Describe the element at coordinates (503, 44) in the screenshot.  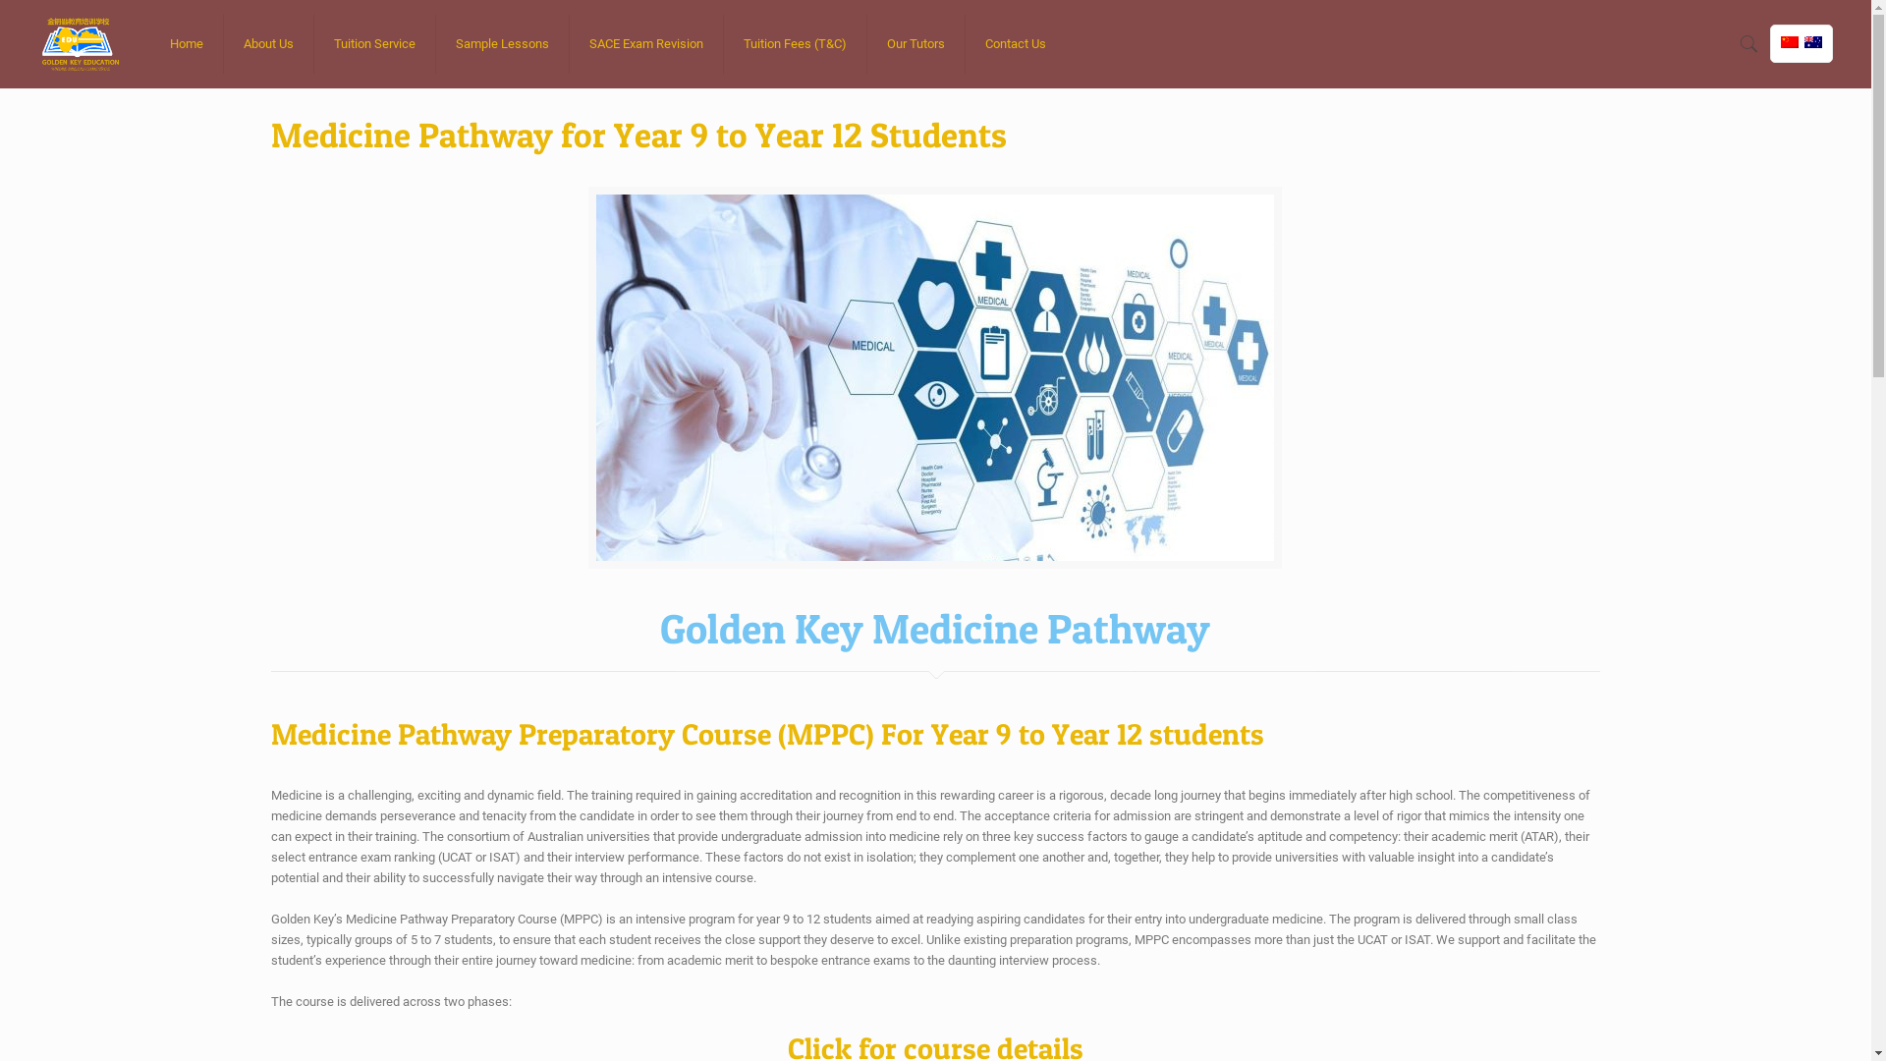
I see `'Sample Lessons'` at that location.